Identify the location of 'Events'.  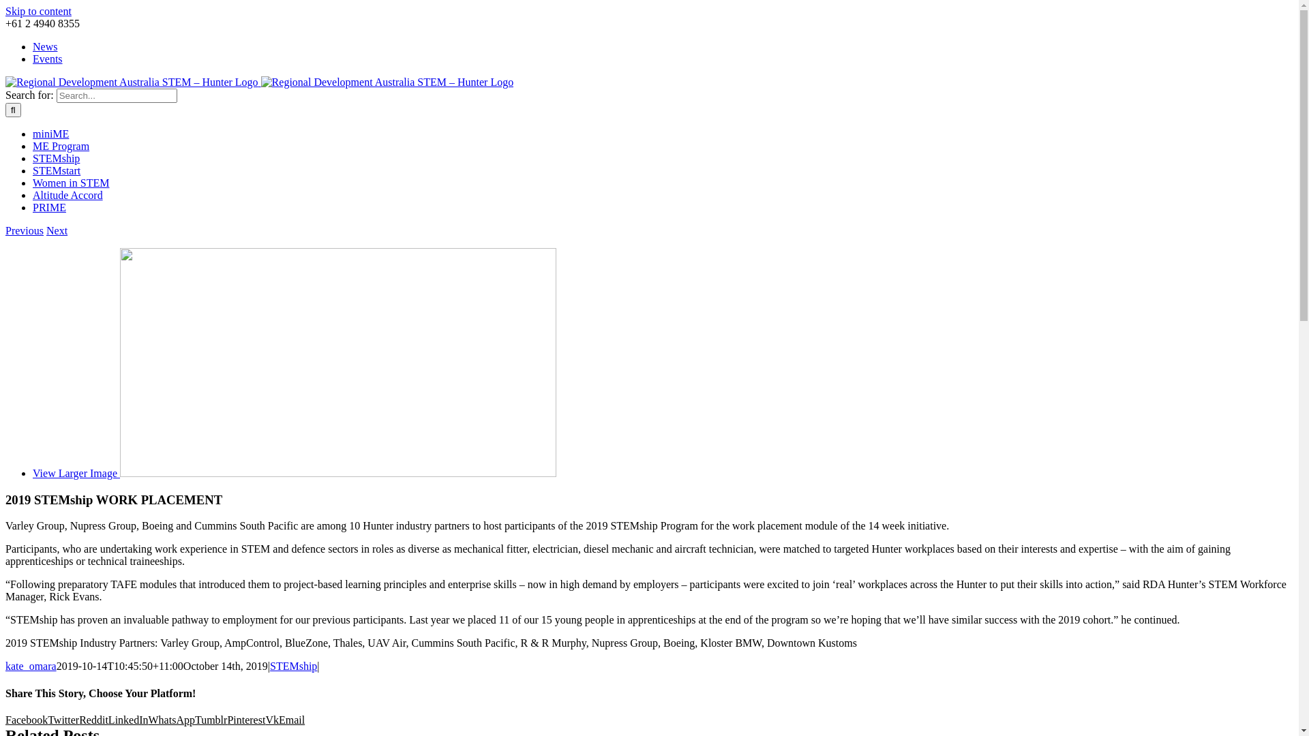
(48, 58).